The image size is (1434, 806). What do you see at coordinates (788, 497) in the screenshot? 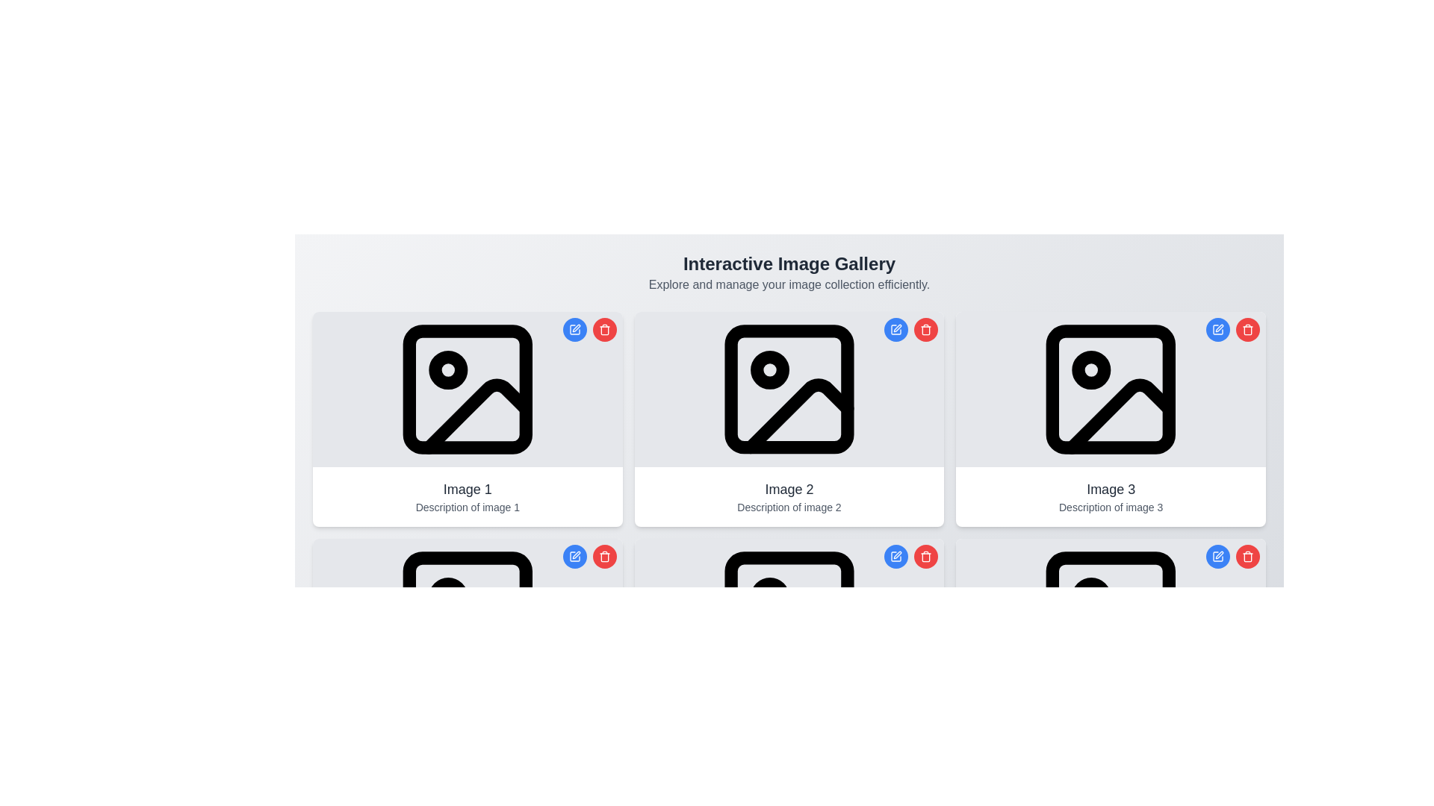
I see `the Text description area at the bottom of the second image card in the top row of the image gallery to interact with additional features` at bounding box center [788, 497].